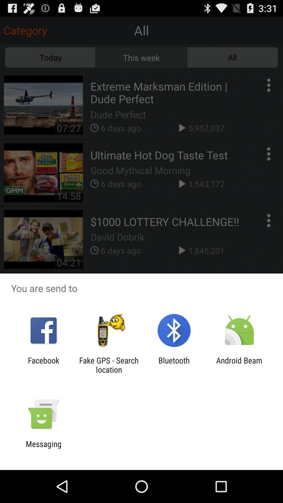 The height and width of the screenshot is (503, 283). I want to click on the messaging icon, so click(43, 448).